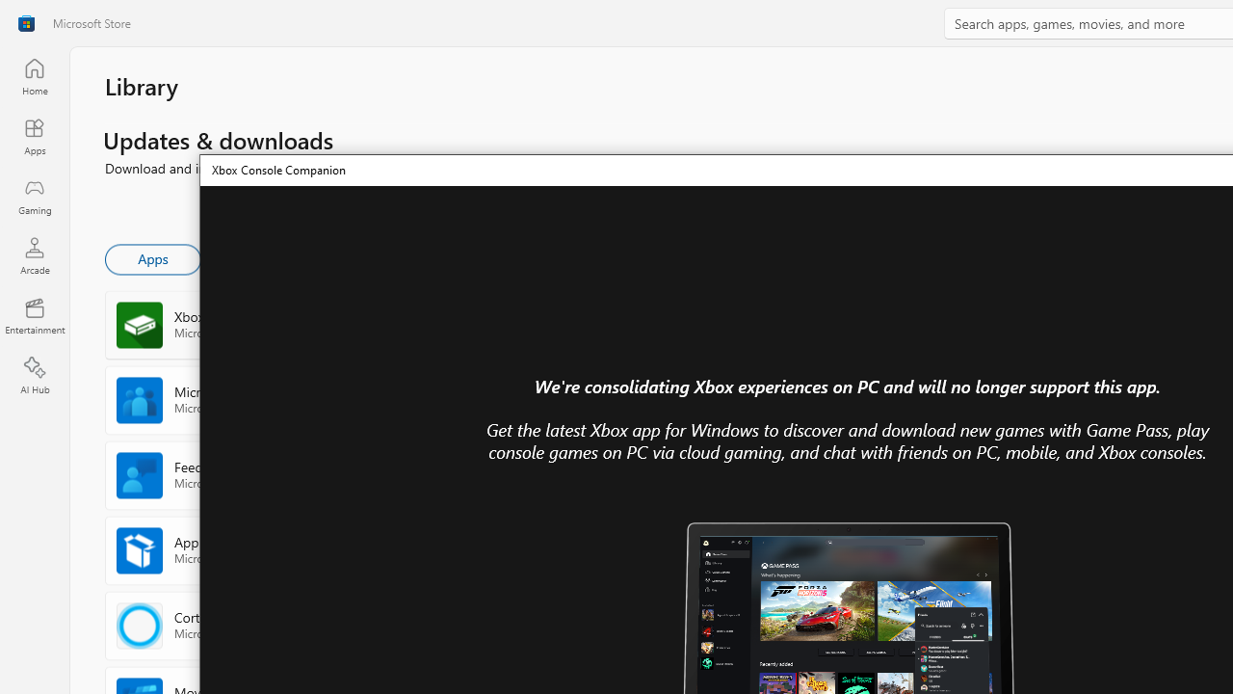 This screenshot has width=1233, height=694. I want to click on 'Apps', so click(34, 135).